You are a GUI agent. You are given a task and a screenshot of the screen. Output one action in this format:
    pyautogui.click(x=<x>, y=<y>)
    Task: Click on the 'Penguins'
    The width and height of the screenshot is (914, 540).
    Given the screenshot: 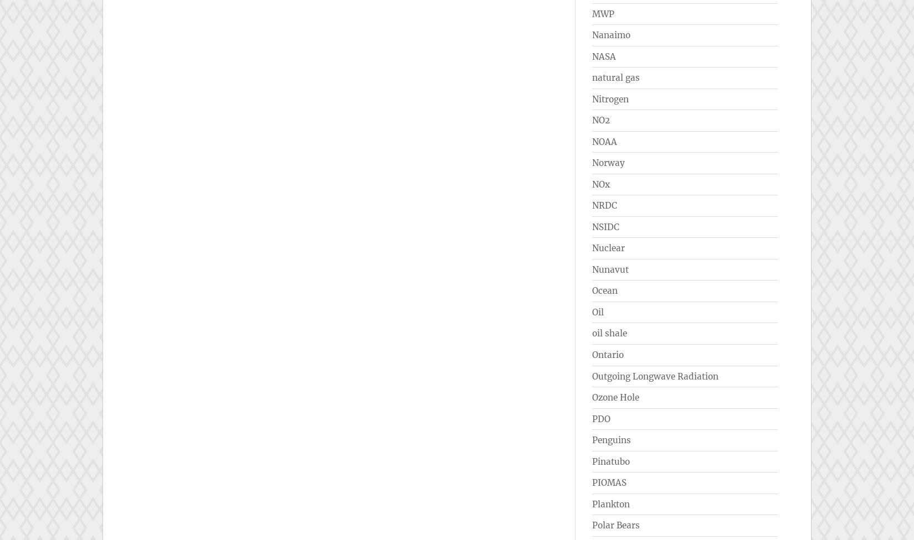 What is the action you would take?
    pyautogui.click(x=612, y=440)
    